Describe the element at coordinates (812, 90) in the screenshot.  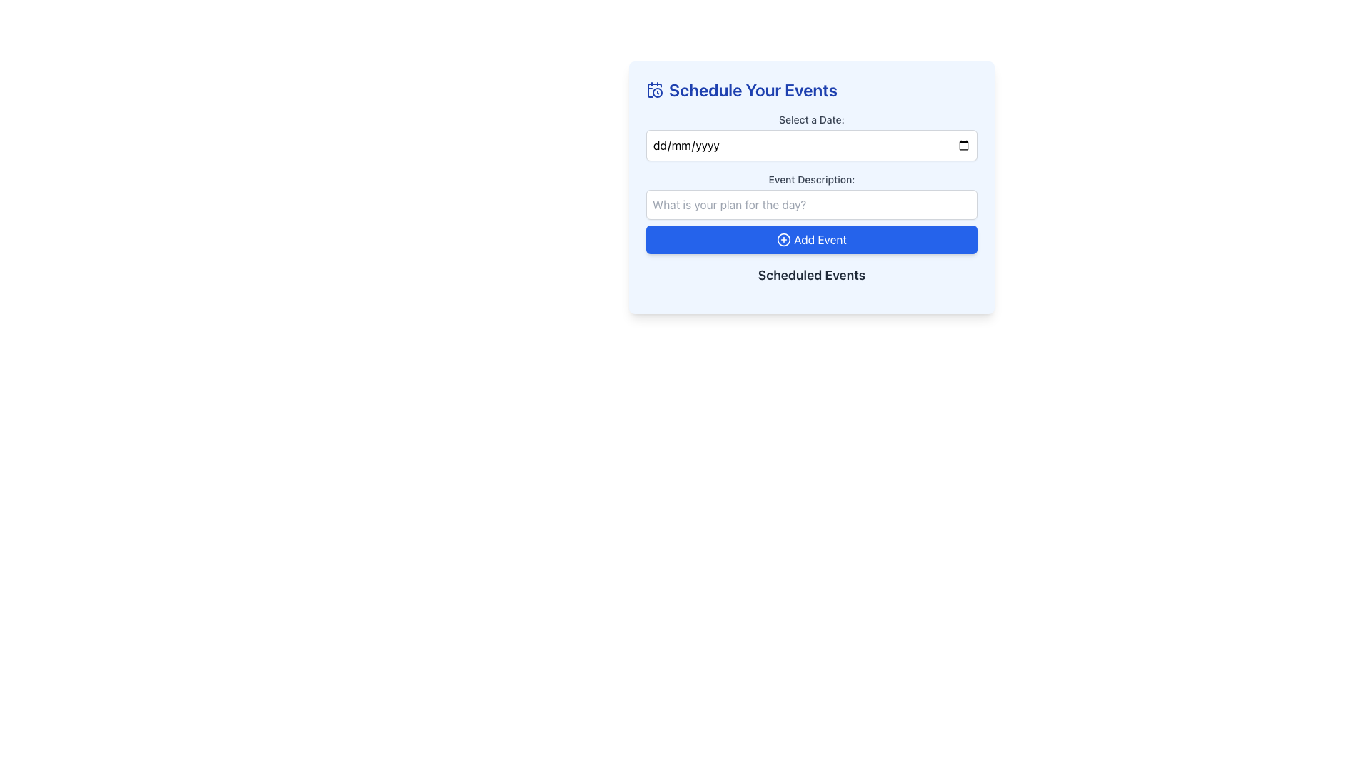
I see `the text header that says 'Schedule Your Events', which is styled in a large bold font and centered at the top of its section` at that location.